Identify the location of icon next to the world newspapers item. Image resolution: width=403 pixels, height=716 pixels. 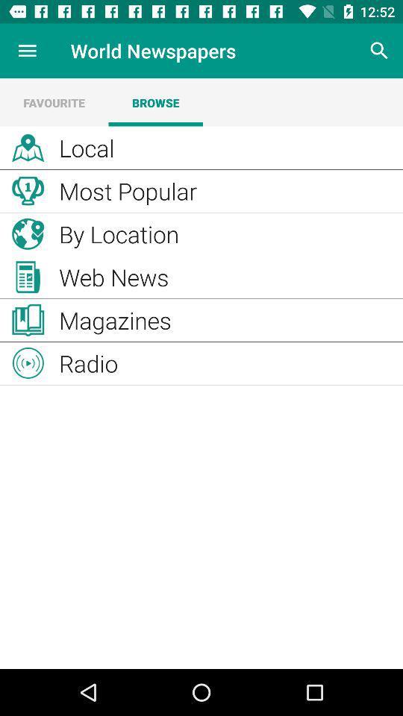
(27, 51).